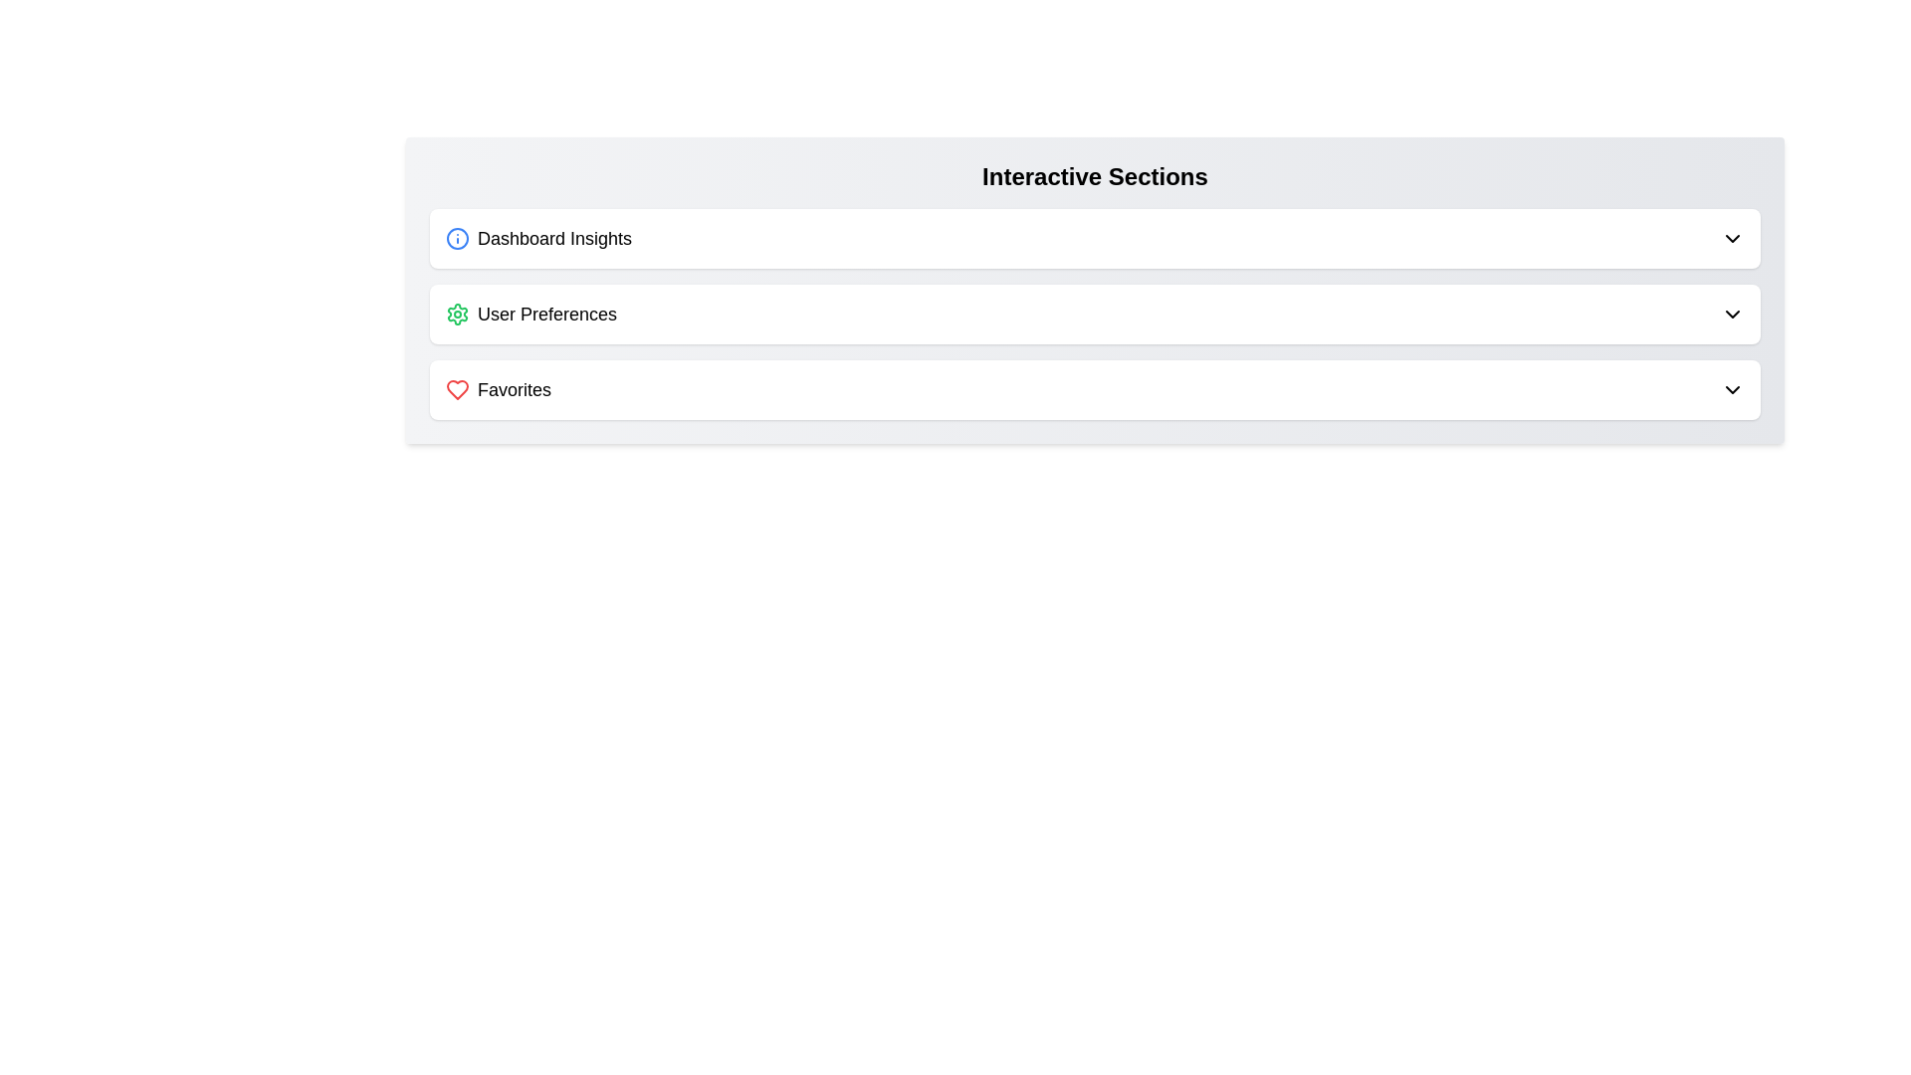 This screenshot has width=1911, height=1075. Describe the element at coordinates (457, 237) in the screenshot. I see `the blue outlined circle icon with an 'i' symbol, located to the left of the 'Dashboard Insights' text` at that location.